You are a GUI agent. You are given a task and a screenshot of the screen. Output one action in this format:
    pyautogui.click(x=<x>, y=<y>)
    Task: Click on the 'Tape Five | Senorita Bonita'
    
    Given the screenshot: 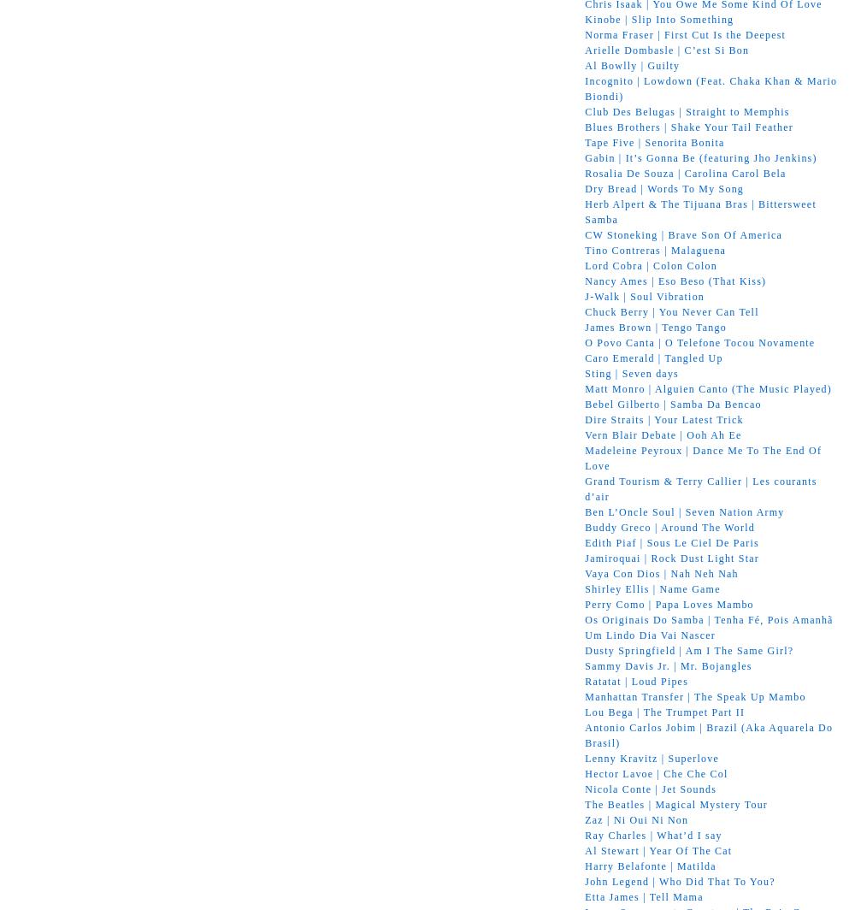 What is the action you would take?
    pyautogui.click(x=654, y=141)
    